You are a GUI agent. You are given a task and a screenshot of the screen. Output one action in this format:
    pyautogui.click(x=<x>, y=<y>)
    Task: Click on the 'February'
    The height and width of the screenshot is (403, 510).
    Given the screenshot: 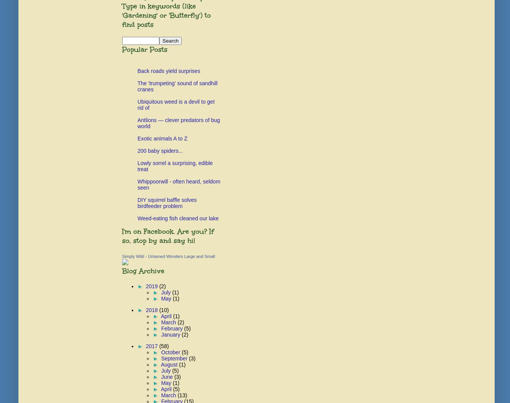 What is the action you would take?
    pyautogui.click(x=172, y=328)
    